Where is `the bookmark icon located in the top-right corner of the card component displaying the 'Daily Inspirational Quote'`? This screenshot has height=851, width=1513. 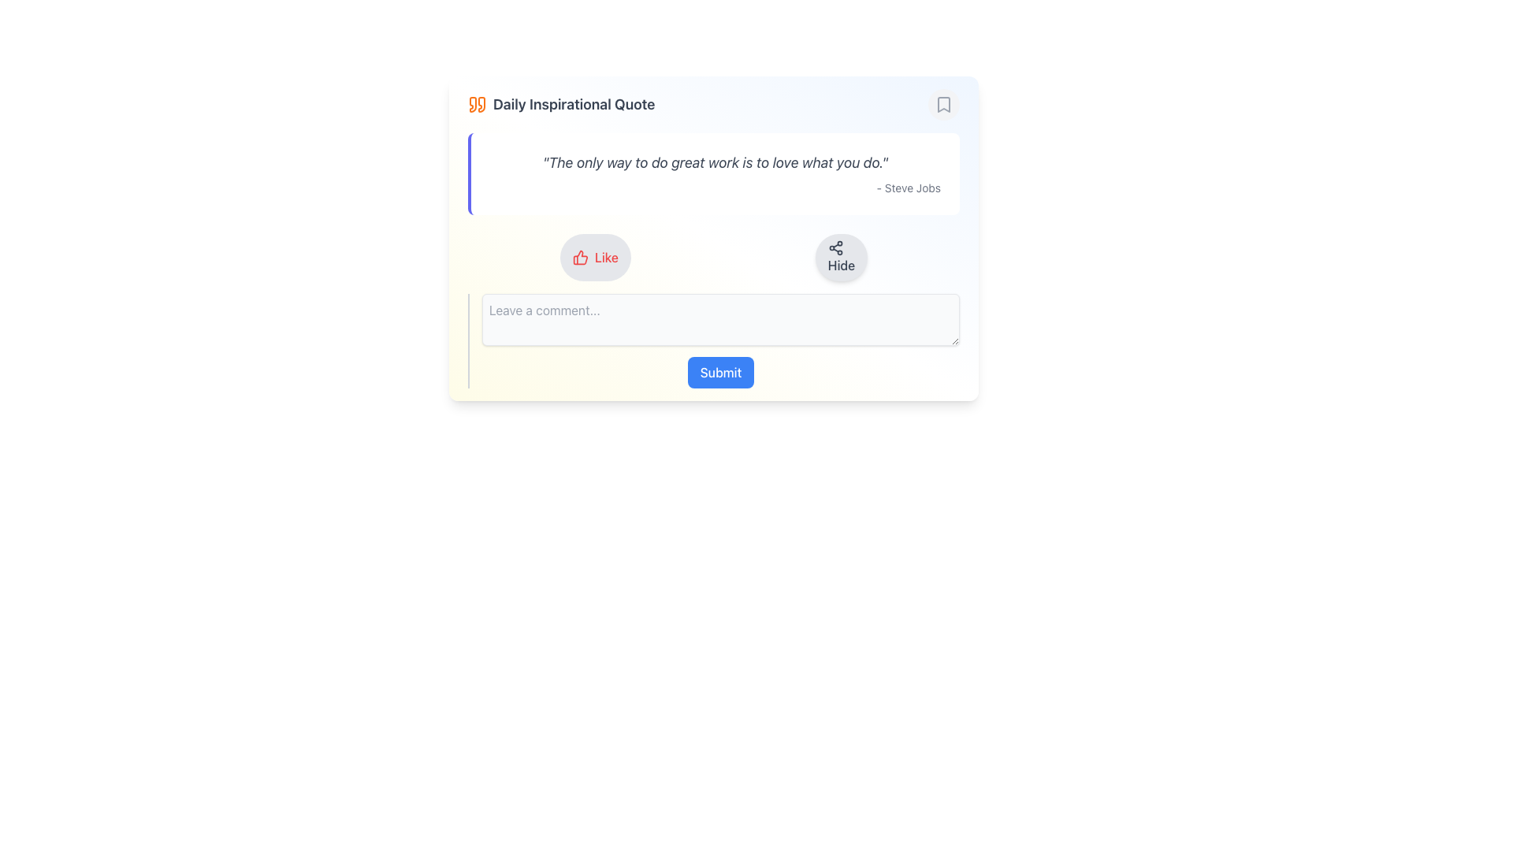 the bookmark icon located in the top-right corner of the card component displaying the 'Daily Inspirational Quote' is located at coordinates (944, 104).